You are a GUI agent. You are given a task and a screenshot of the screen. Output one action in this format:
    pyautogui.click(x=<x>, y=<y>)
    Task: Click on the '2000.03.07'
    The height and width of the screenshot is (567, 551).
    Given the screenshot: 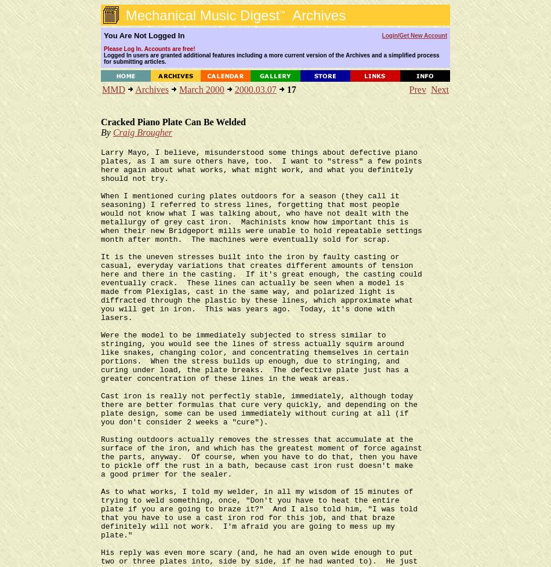 What is the action you would take?
    pyautogui.click(x=255, y=89)
    